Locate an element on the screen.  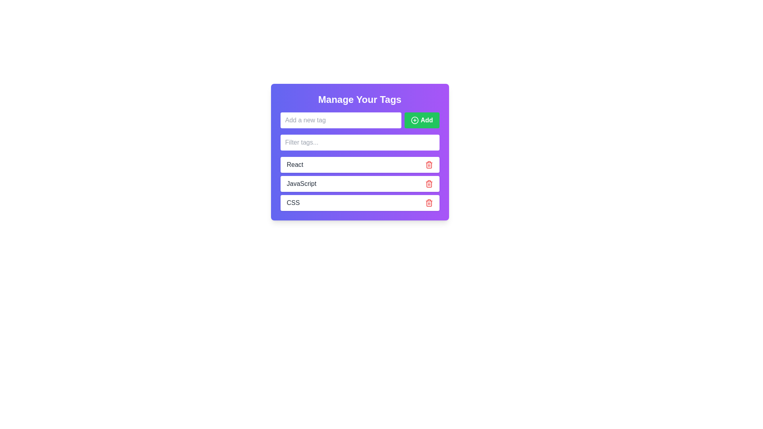
the circular 'Add' icon with a plus symbol at its center, which is enclosed by a lighter circle border, located inside the green rectangular 'Add' button is located at coordinates (414, 120).